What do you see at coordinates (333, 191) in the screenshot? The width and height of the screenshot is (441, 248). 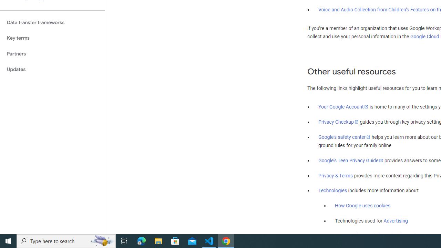 I see `'Technologies'` at bounding box center [333, 191].